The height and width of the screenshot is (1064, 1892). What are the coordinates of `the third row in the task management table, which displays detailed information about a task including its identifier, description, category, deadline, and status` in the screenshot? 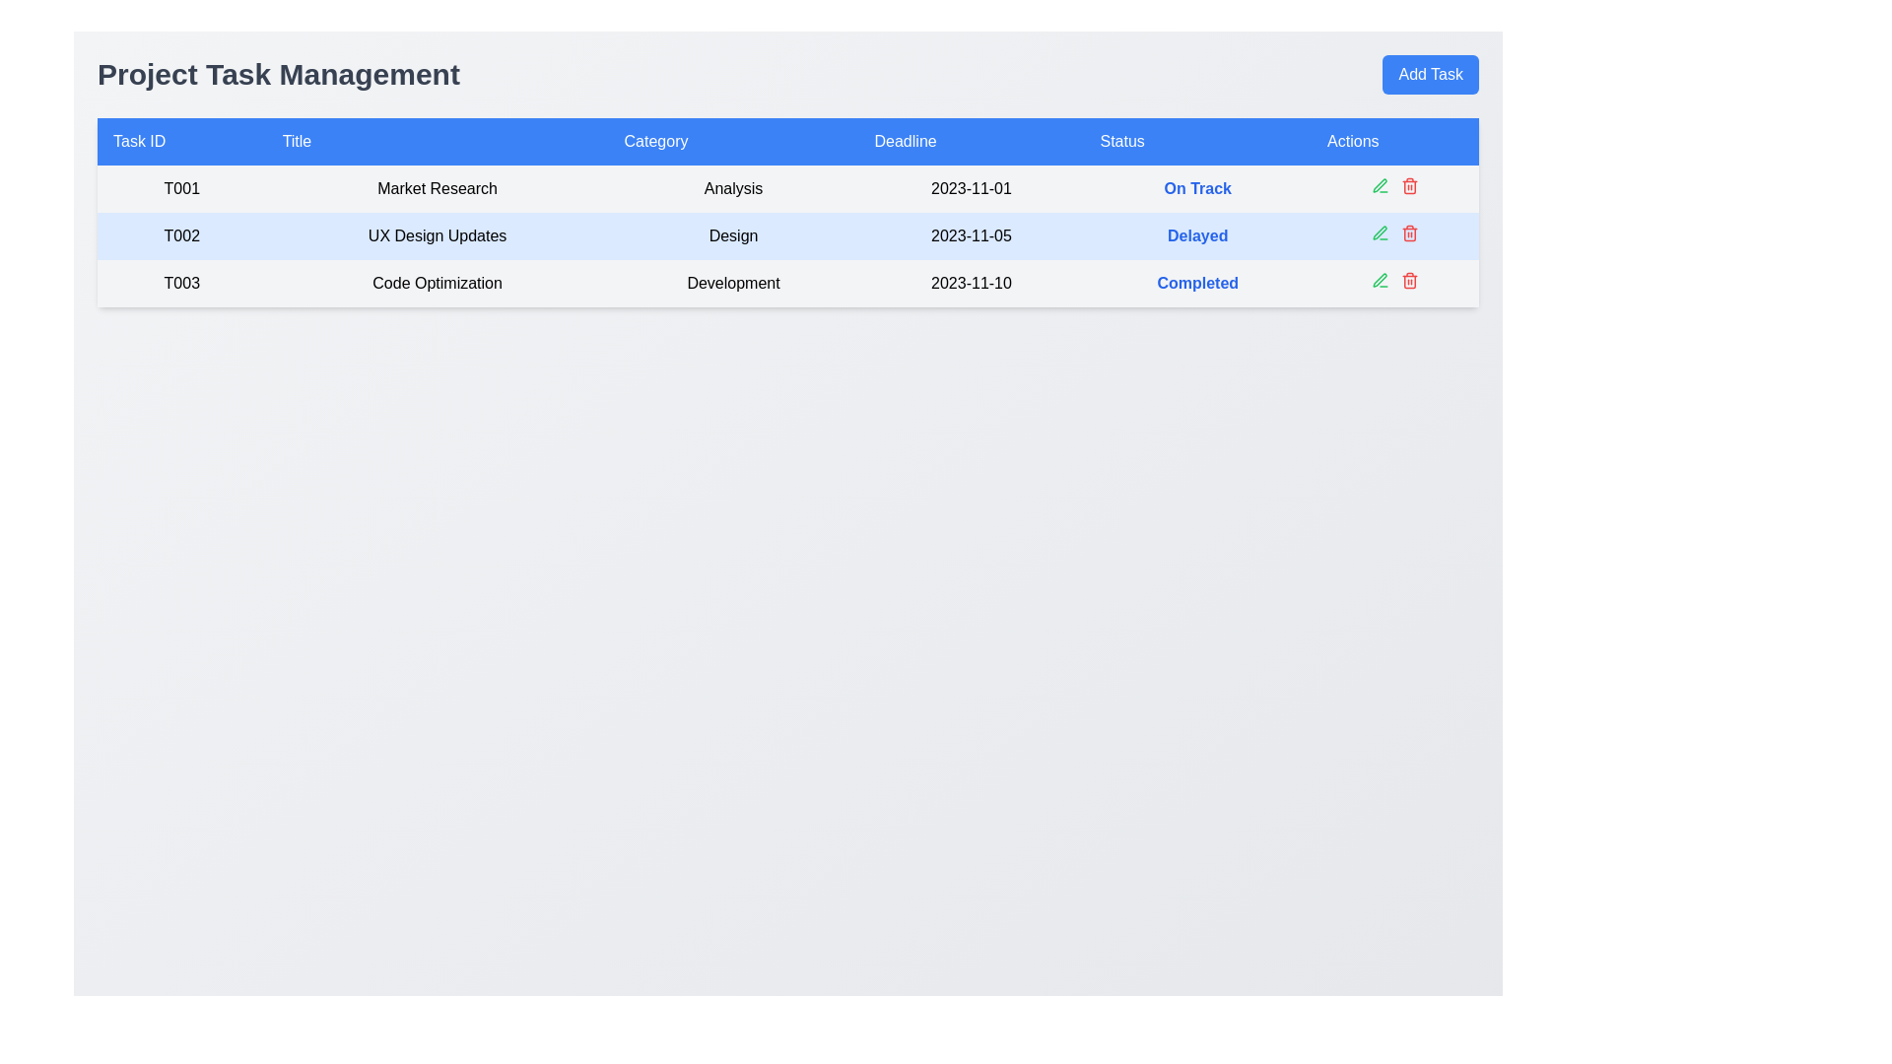 It's located at (788, 284).